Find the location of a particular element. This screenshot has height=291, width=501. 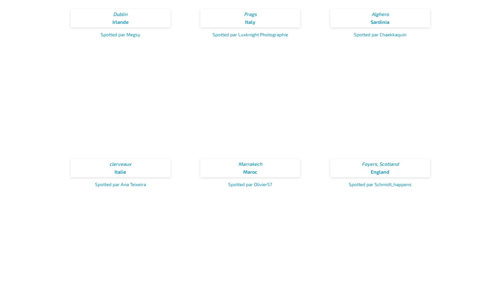

'Italie' is located at coordinates (120, 172).